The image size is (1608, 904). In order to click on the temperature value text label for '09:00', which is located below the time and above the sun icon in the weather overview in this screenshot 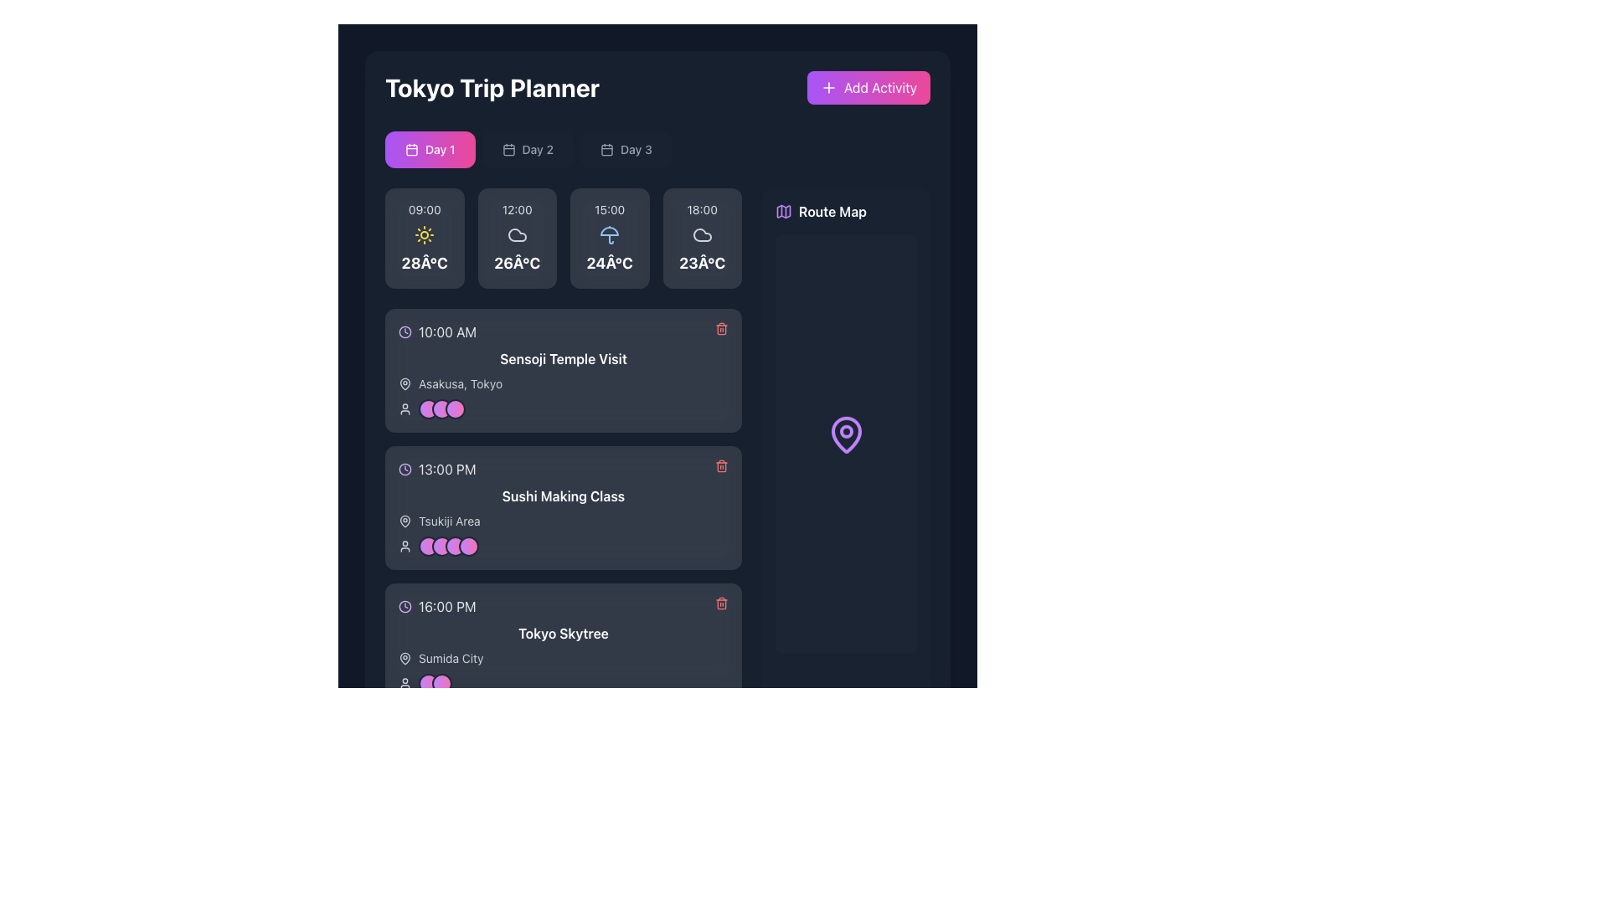, I will do `click(425, 264)`.